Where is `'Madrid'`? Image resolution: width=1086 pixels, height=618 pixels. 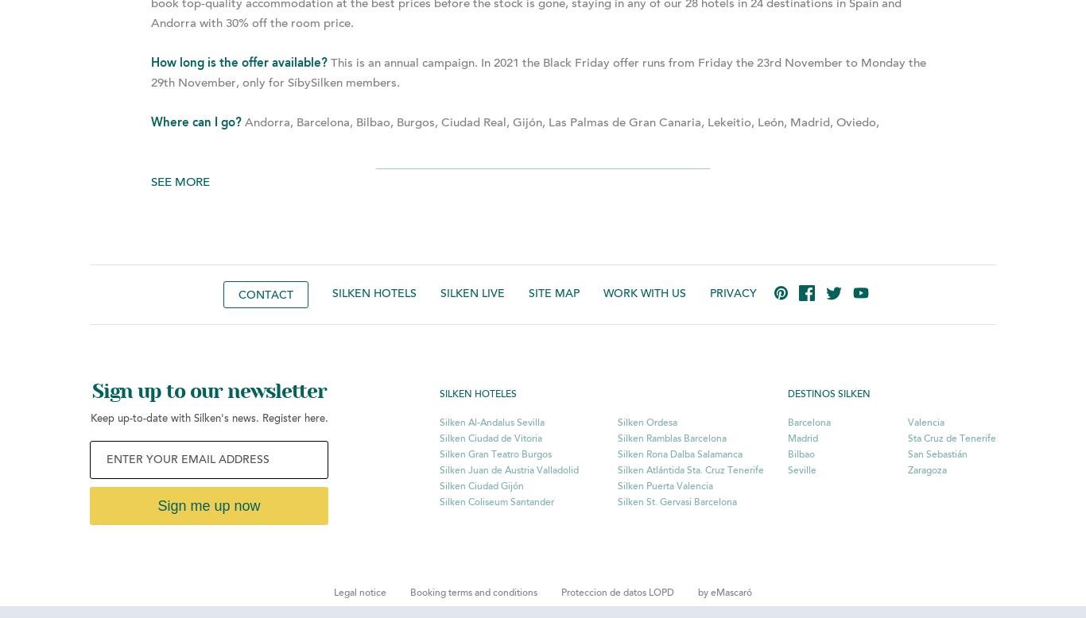 'Madrid' is located at coordinates (803, 439).